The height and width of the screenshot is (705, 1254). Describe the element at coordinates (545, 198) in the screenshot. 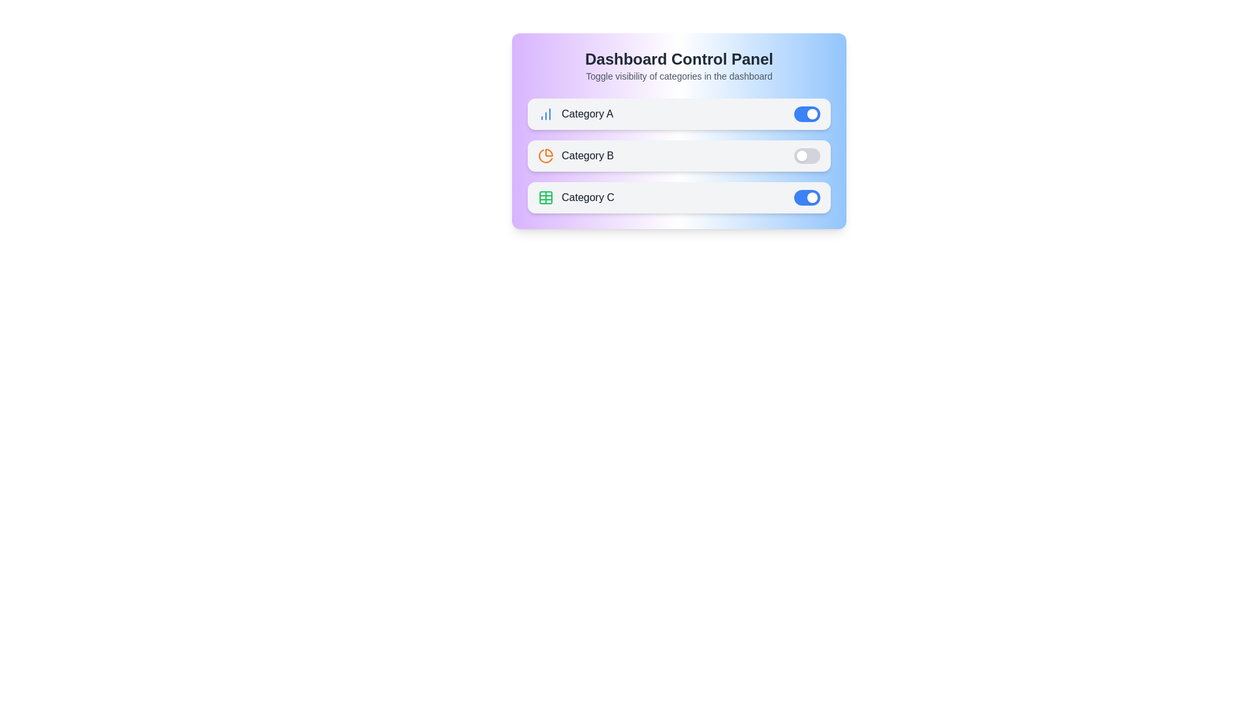

I see `the icon next to 'Category C'` at that location.